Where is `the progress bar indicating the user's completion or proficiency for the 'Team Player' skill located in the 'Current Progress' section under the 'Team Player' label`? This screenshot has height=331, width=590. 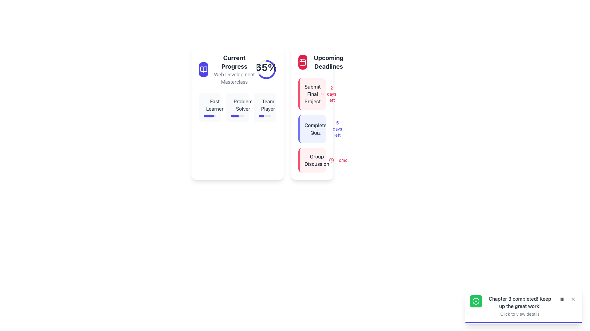 the progress bar indicating the user's completion or proficiency for the 'Team Player' skill located in the 'Current Progress' section under the 'Team Player' label is located at coordinates (261, 116).